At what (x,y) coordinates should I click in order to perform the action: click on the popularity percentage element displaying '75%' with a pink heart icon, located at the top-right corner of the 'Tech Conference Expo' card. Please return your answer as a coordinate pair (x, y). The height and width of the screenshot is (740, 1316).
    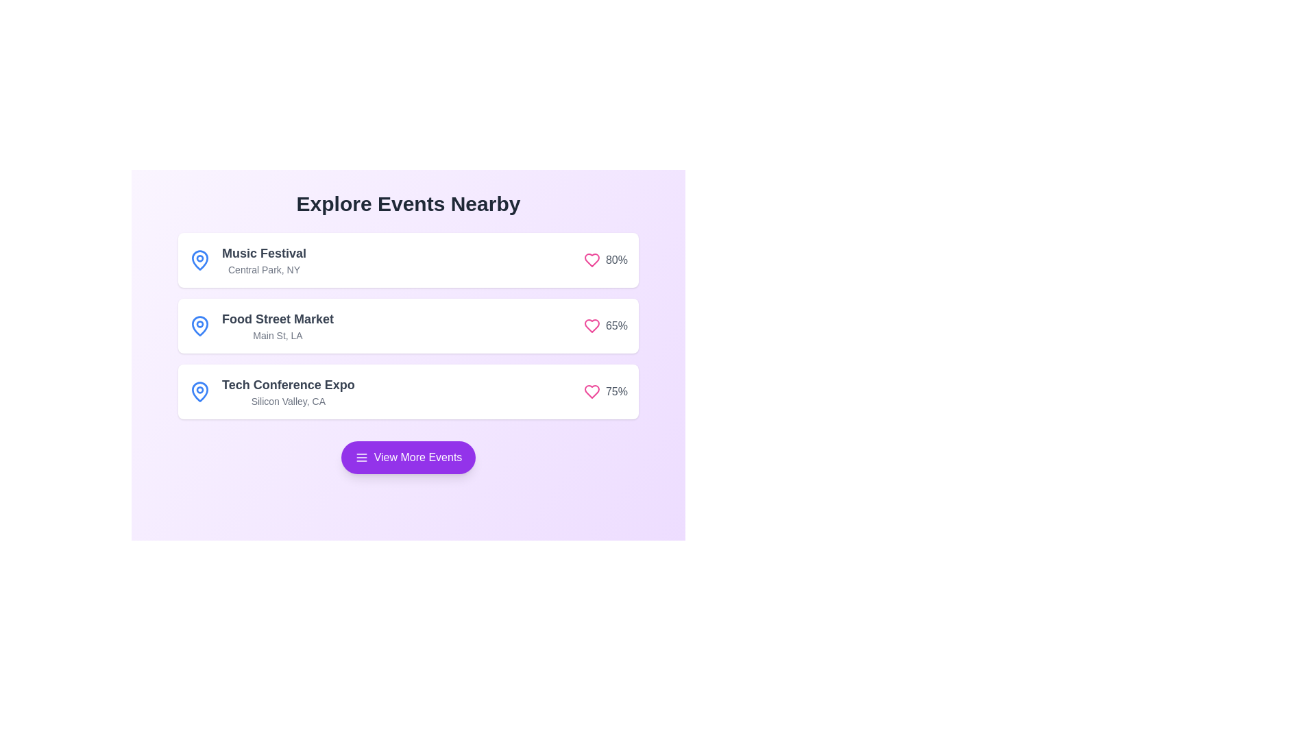
    Looking at the image, I should click on (605, 391).